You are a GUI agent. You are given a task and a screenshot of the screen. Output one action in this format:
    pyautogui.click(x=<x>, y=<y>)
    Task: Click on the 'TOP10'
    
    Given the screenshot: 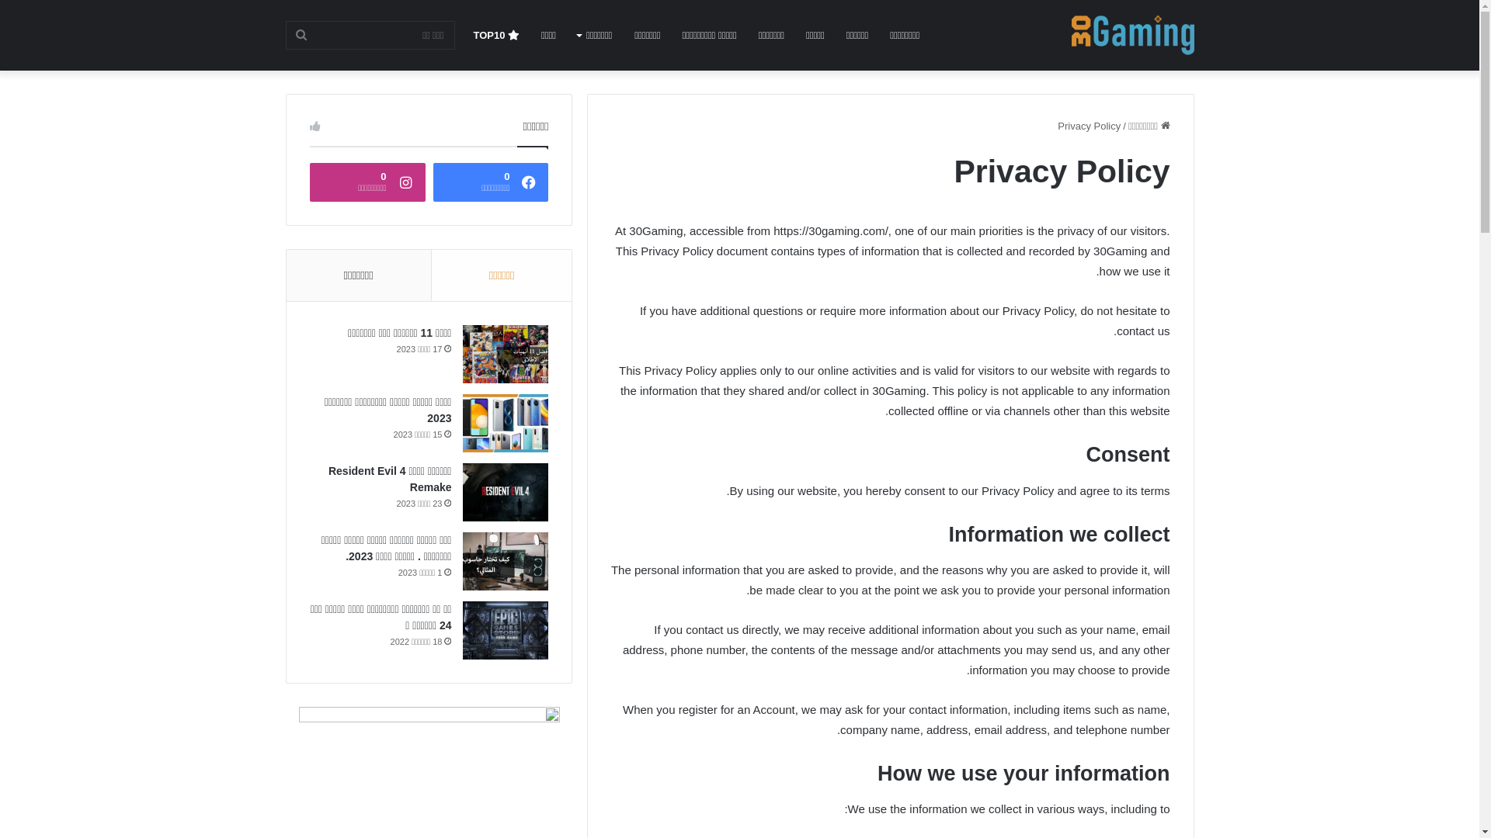 What is the action you would take?
    pyautogui.click(x=461, y=35)
    